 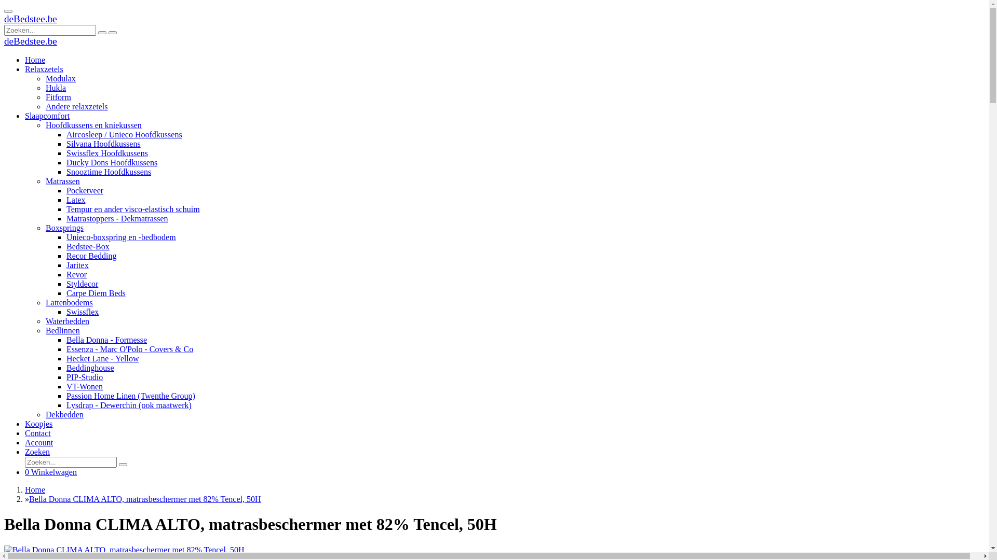 What do you see at coordinates (128, 404) in the screenshot?
I see `'Lysdrap - Dewerchin (ook maatwerk)'` at bounding box center [128, 404].